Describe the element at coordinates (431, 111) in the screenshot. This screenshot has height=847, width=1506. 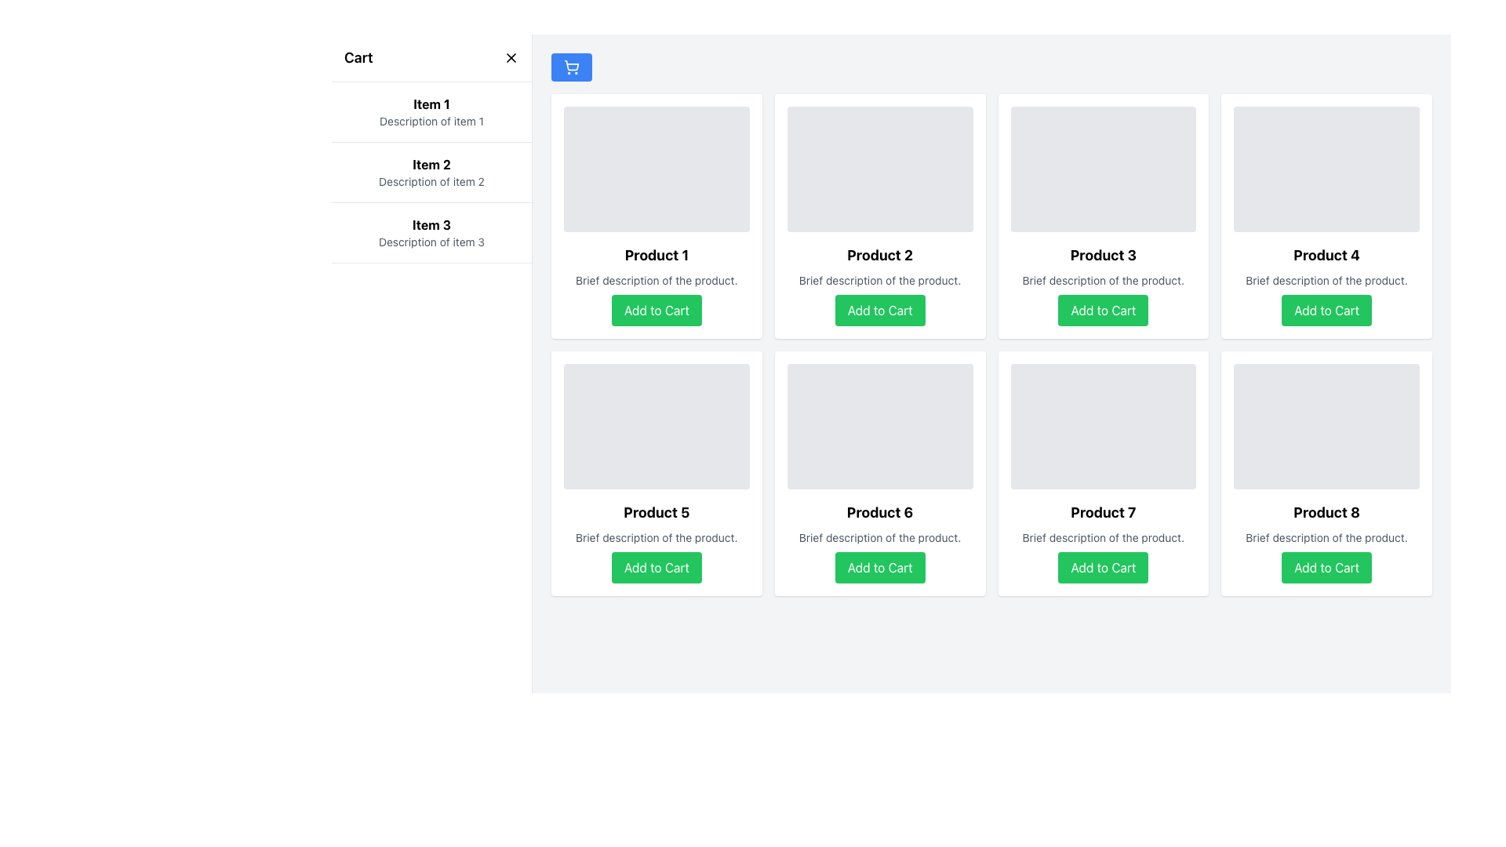
I see `the first list item in the 'Cart' sidebar, which provides information about 'Item 1'` at that location.